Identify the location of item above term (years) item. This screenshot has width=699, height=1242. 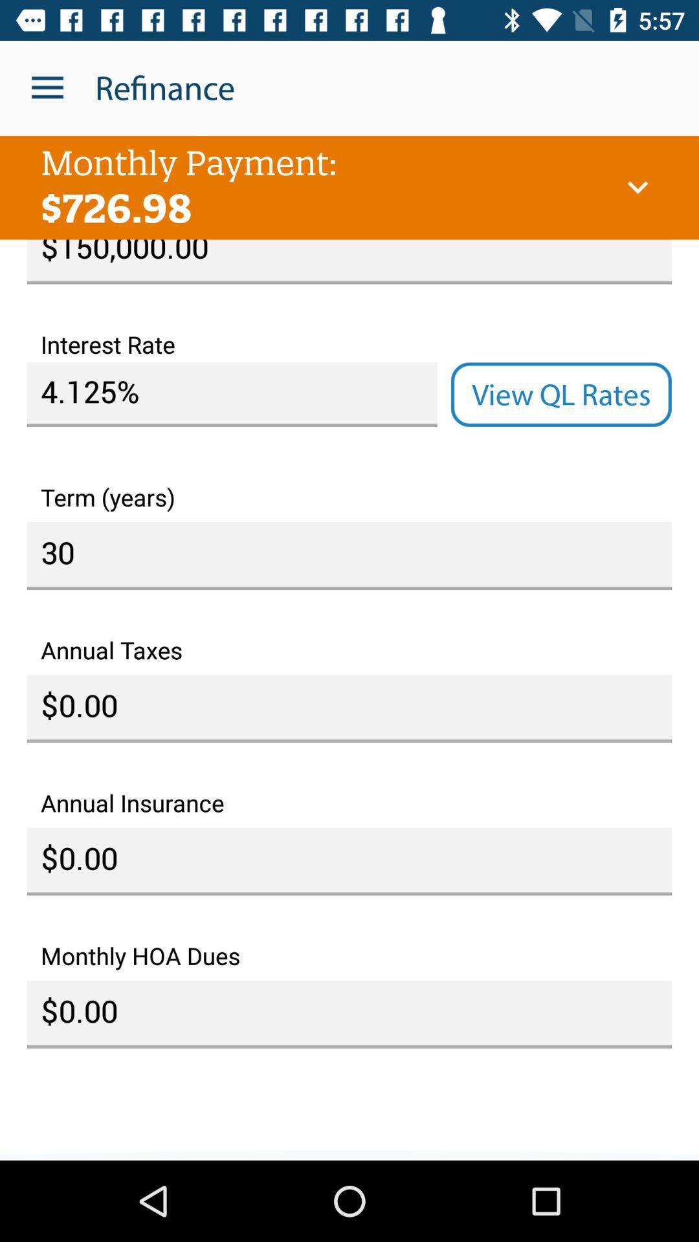
(560, 394).